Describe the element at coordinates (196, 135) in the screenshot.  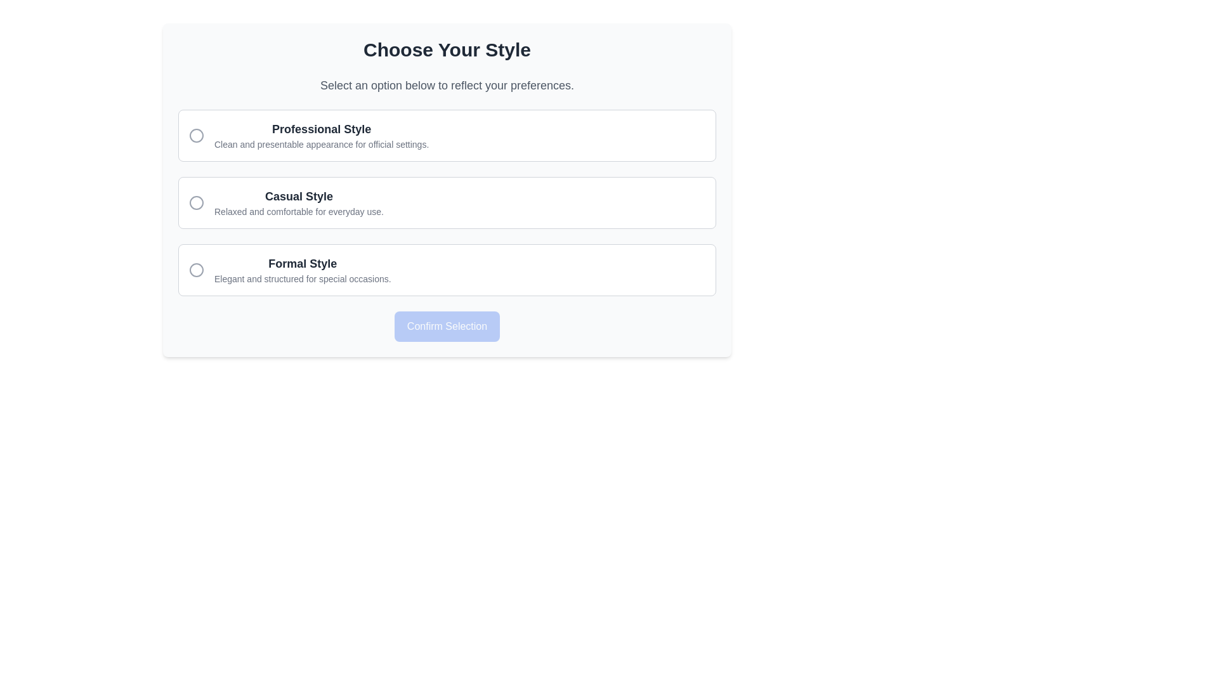
I see `the radio button indicator for the 'Professional Style' option` at that location.